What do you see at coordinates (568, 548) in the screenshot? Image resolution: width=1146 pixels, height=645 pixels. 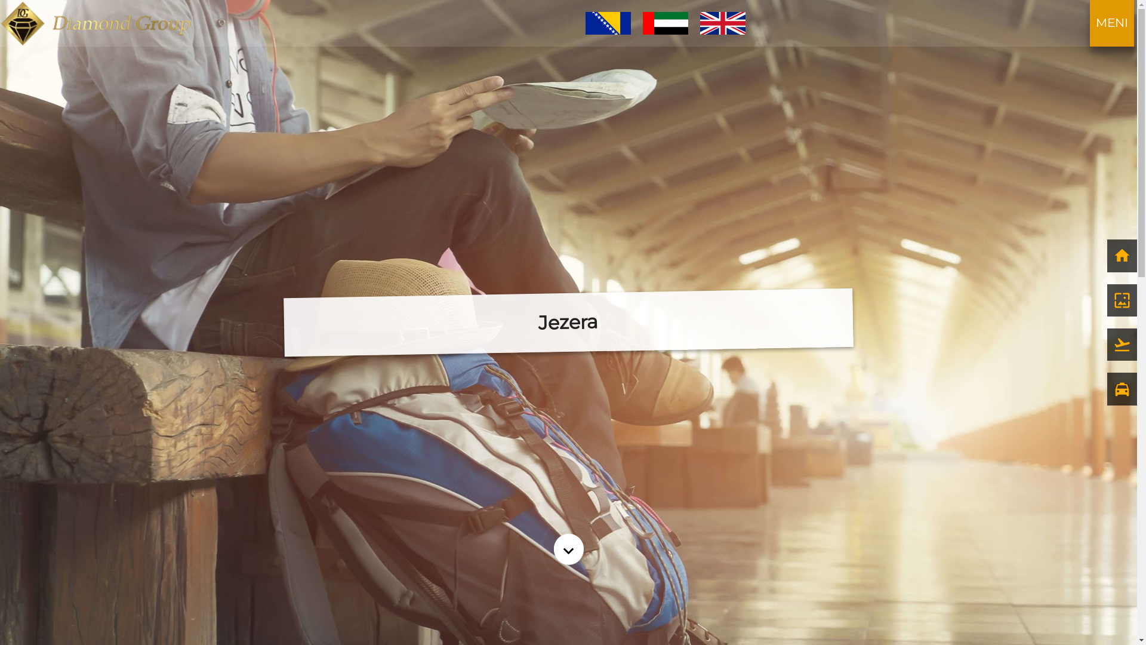 I see `'expand_more'` at bounding box center [568, 548].